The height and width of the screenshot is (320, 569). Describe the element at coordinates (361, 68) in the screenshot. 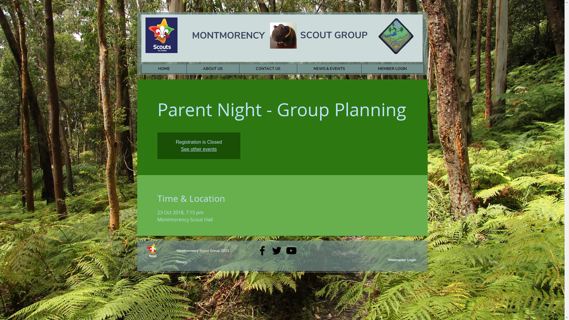

I see `'MEMBER LOGIN'` at that location.